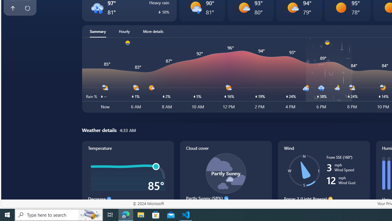 This screenshot has width=392, height=221. What do you see at coordinates (13, 8) in the screenshot?
I see `'Back to top'` at bounding box center [13, 8].